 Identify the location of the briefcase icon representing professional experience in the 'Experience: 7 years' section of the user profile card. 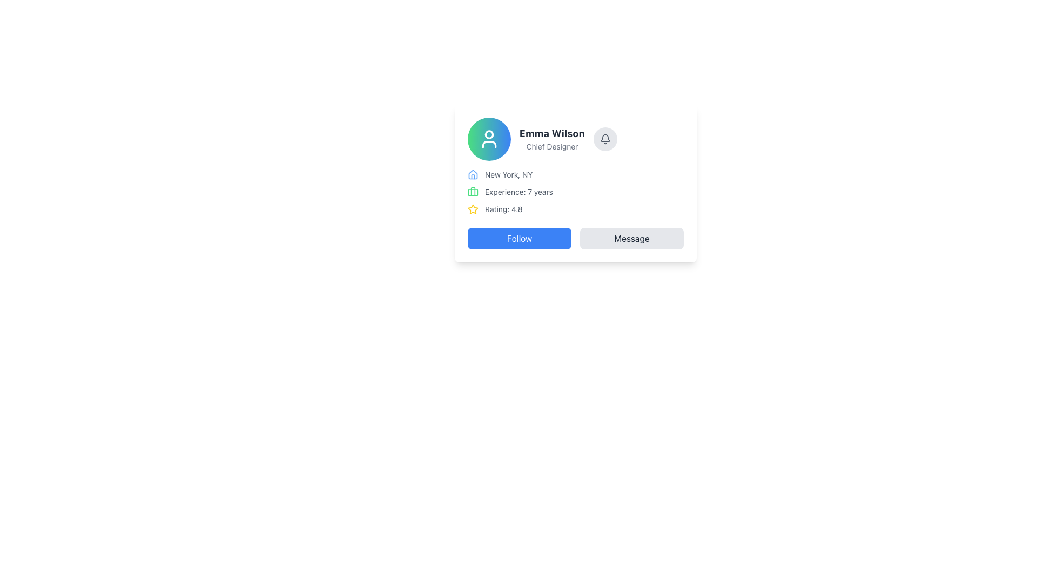
(473, 191).